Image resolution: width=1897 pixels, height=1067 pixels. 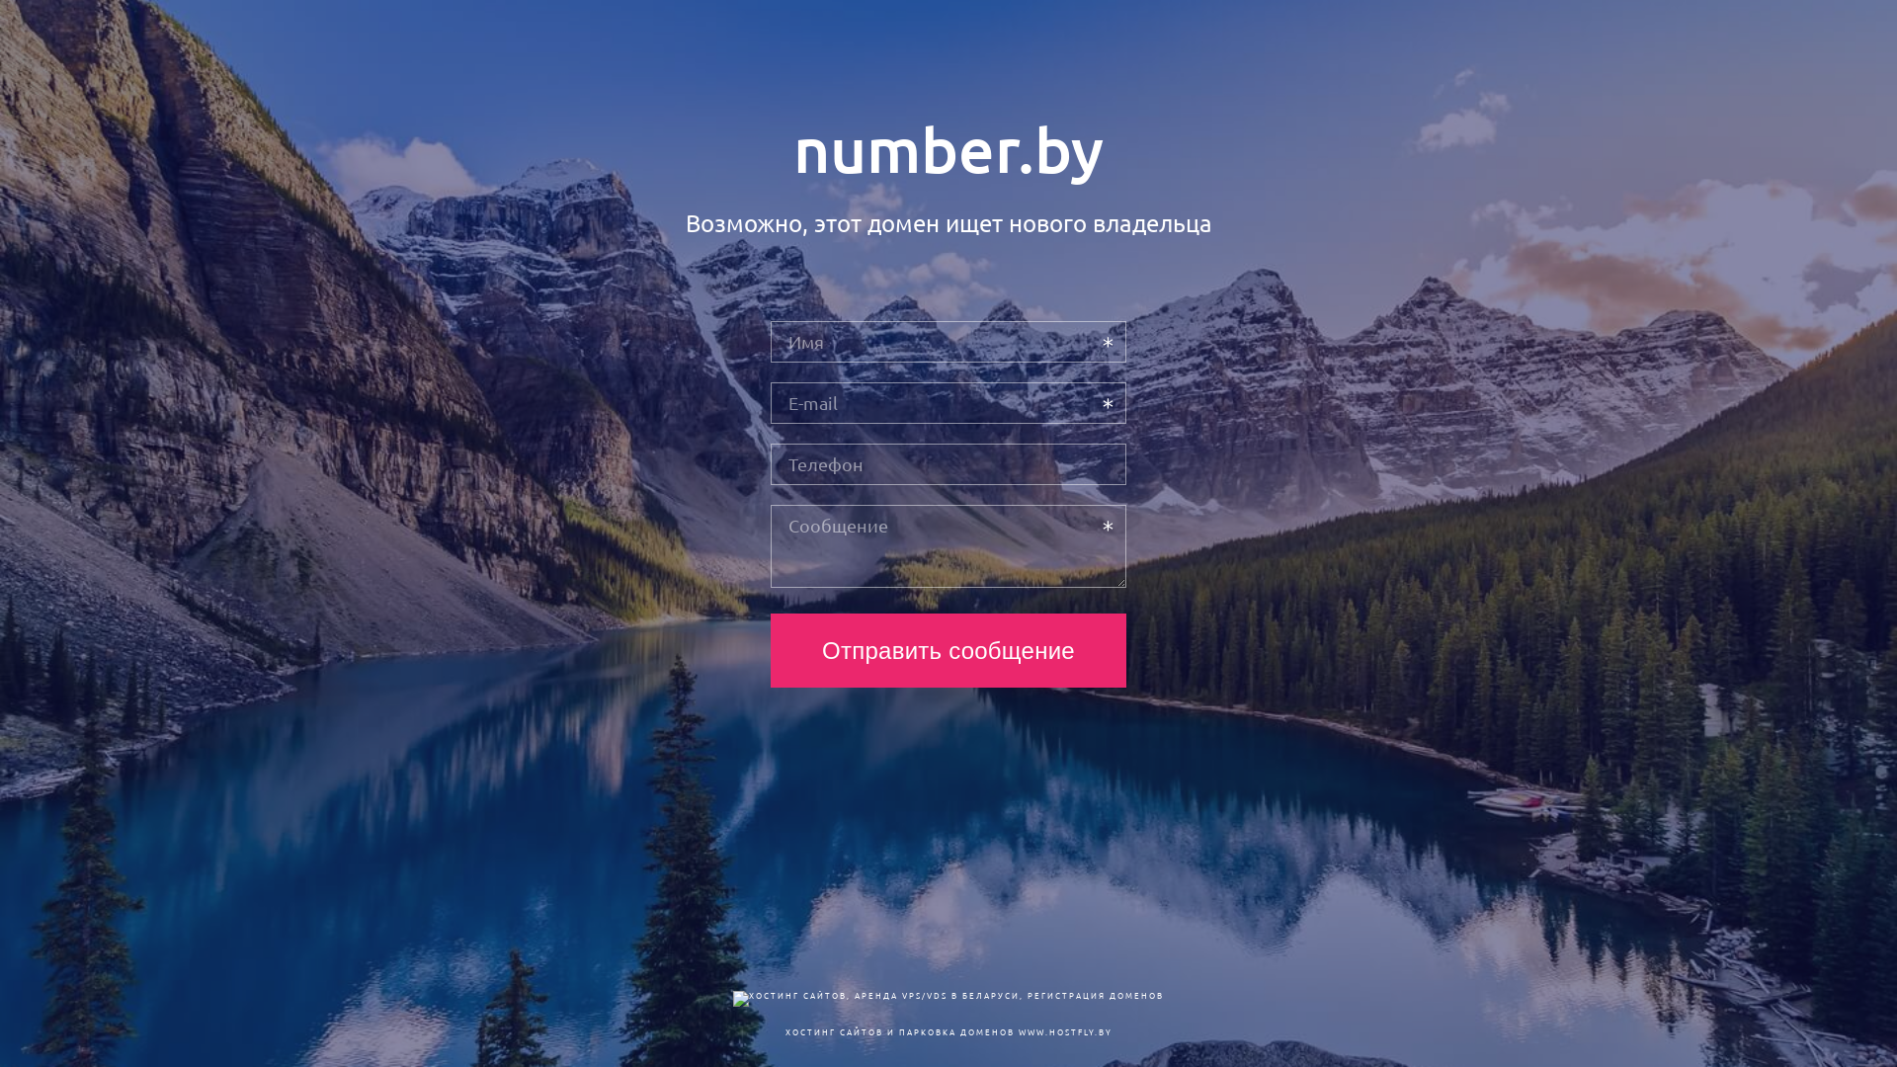 What do you see at coordinates (1063, 1030) in the screenshot?
I see `'WWW.HOSTFLY.BY'` at bounding box center [1063, 1030].